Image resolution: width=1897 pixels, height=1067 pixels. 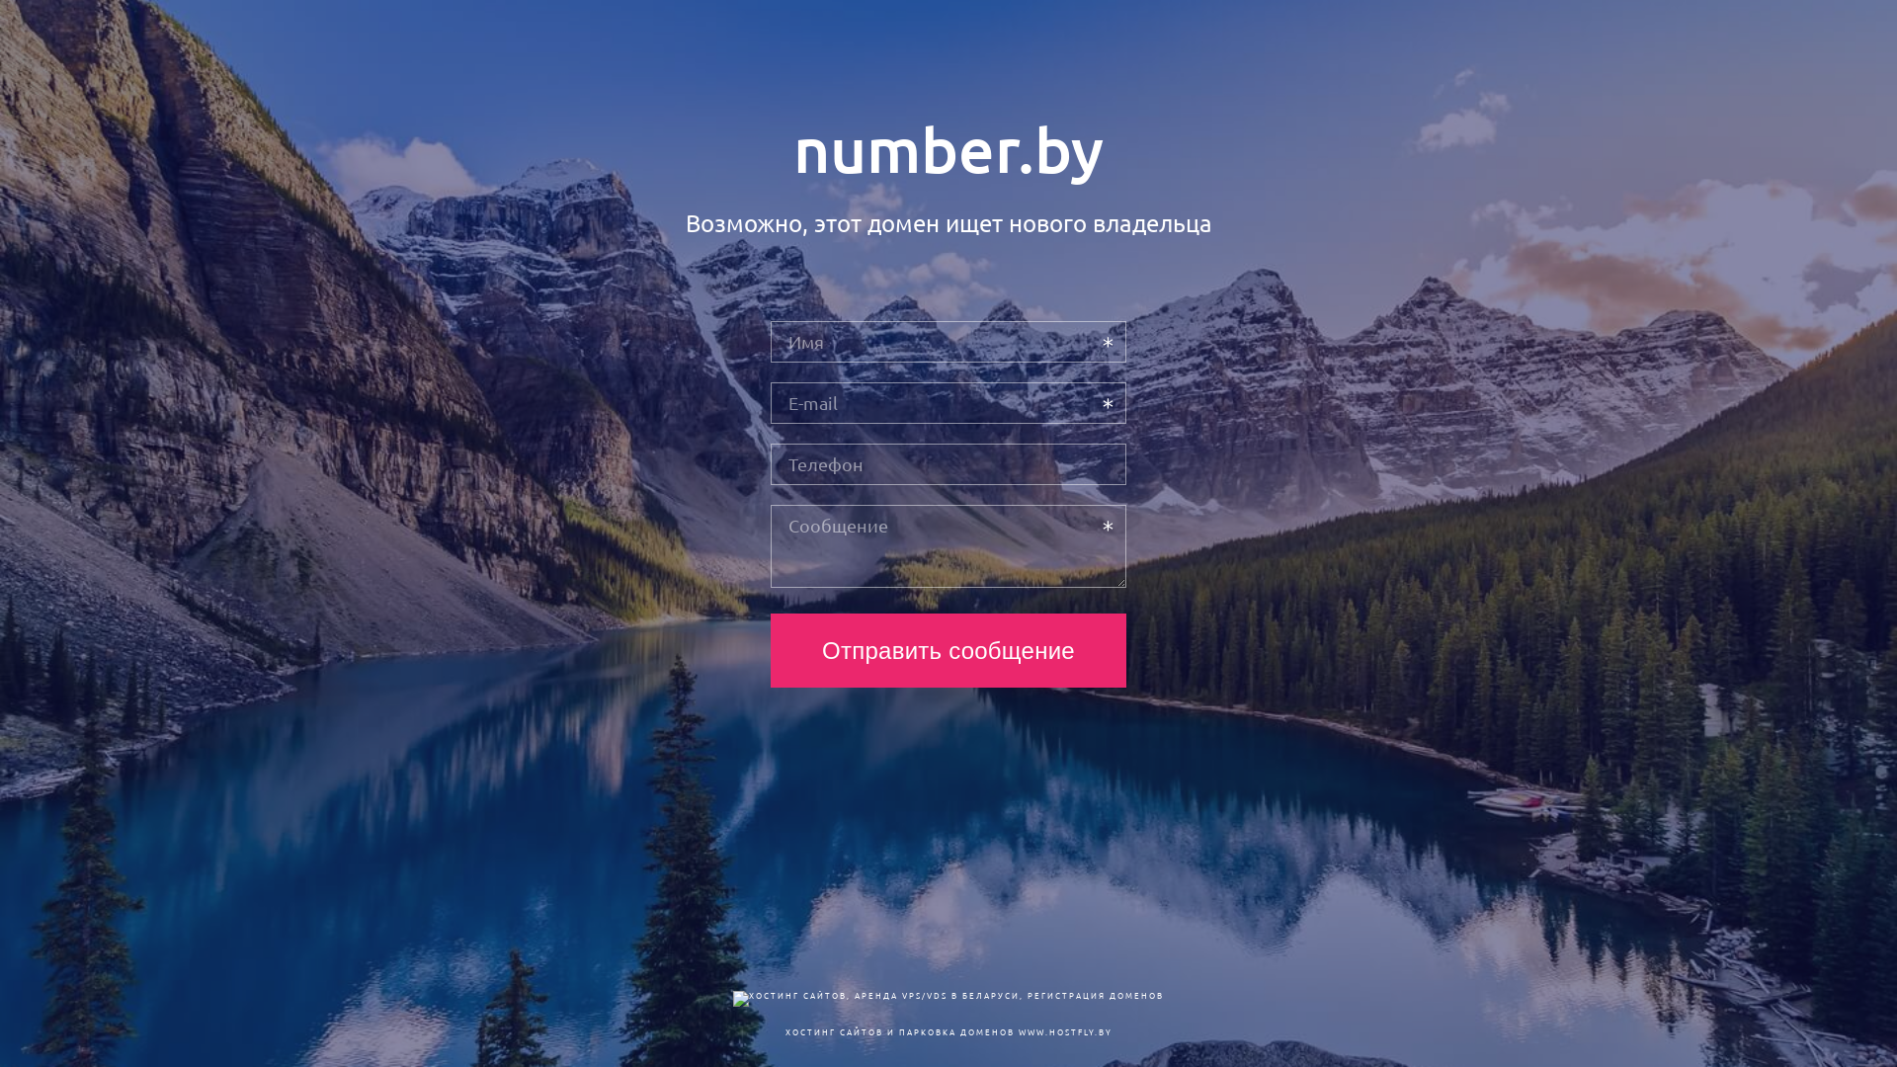 What do you see at coordinates (1063, 1030) in the screenshot?
I see `'WWW.HOSTFLY.BY'` at bounding box center [1063, 1030].